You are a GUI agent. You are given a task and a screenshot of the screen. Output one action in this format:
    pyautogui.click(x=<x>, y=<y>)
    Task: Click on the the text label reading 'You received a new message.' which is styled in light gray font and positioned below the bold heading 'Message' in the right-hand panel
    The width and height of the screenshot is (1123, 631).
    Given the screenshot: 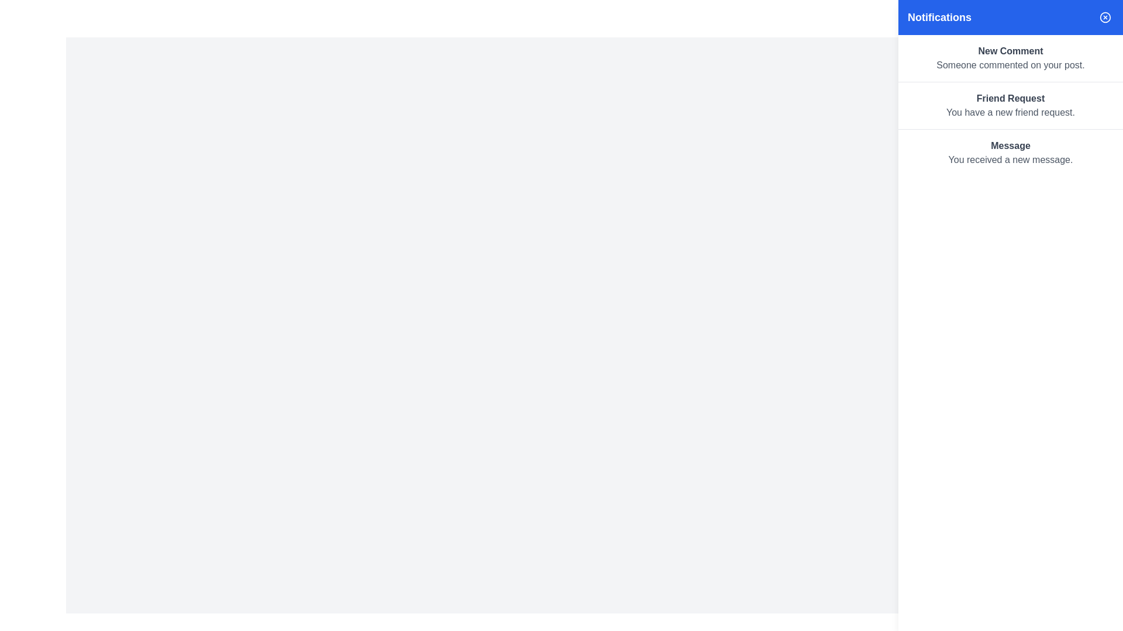 What is the action you would take?
    pyautogui.click(x=1010, y=160)
    